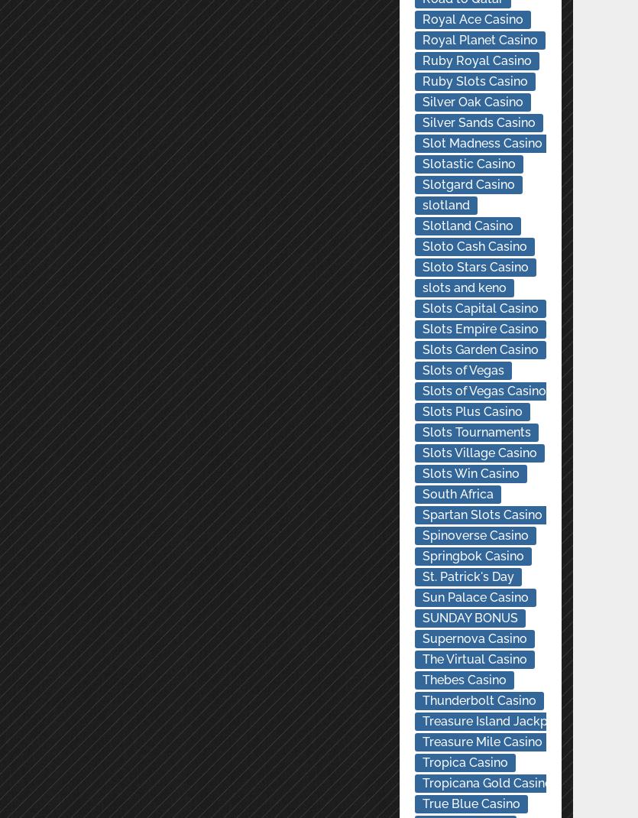 The width and height of the screenshot is (638, 818). Describe the element at coordinates (422, 267) in the screenshot. I see `'Sloto Stars Casino'` at that location.